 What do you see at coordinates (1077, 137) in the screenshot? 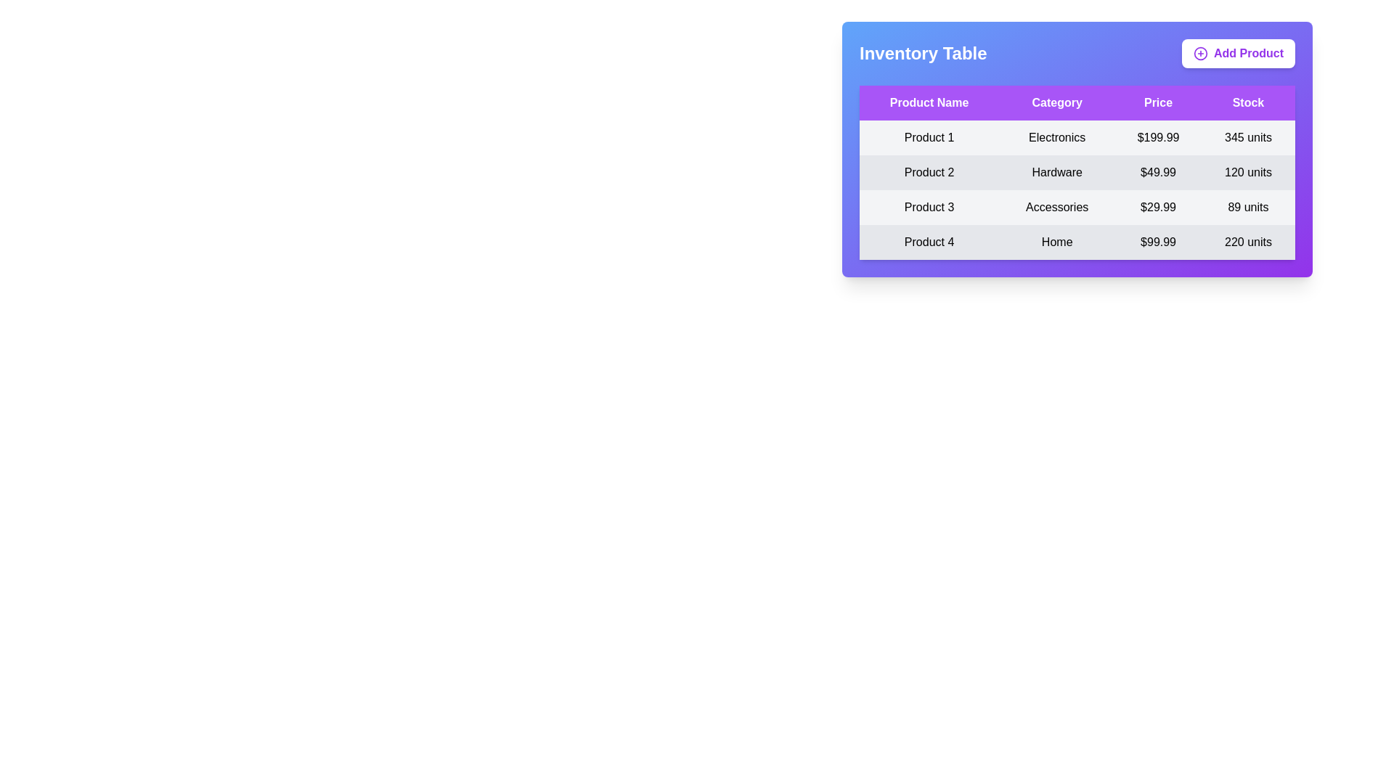
I see `the row corresponding to Product 1` at bounding box center [1077, 137].